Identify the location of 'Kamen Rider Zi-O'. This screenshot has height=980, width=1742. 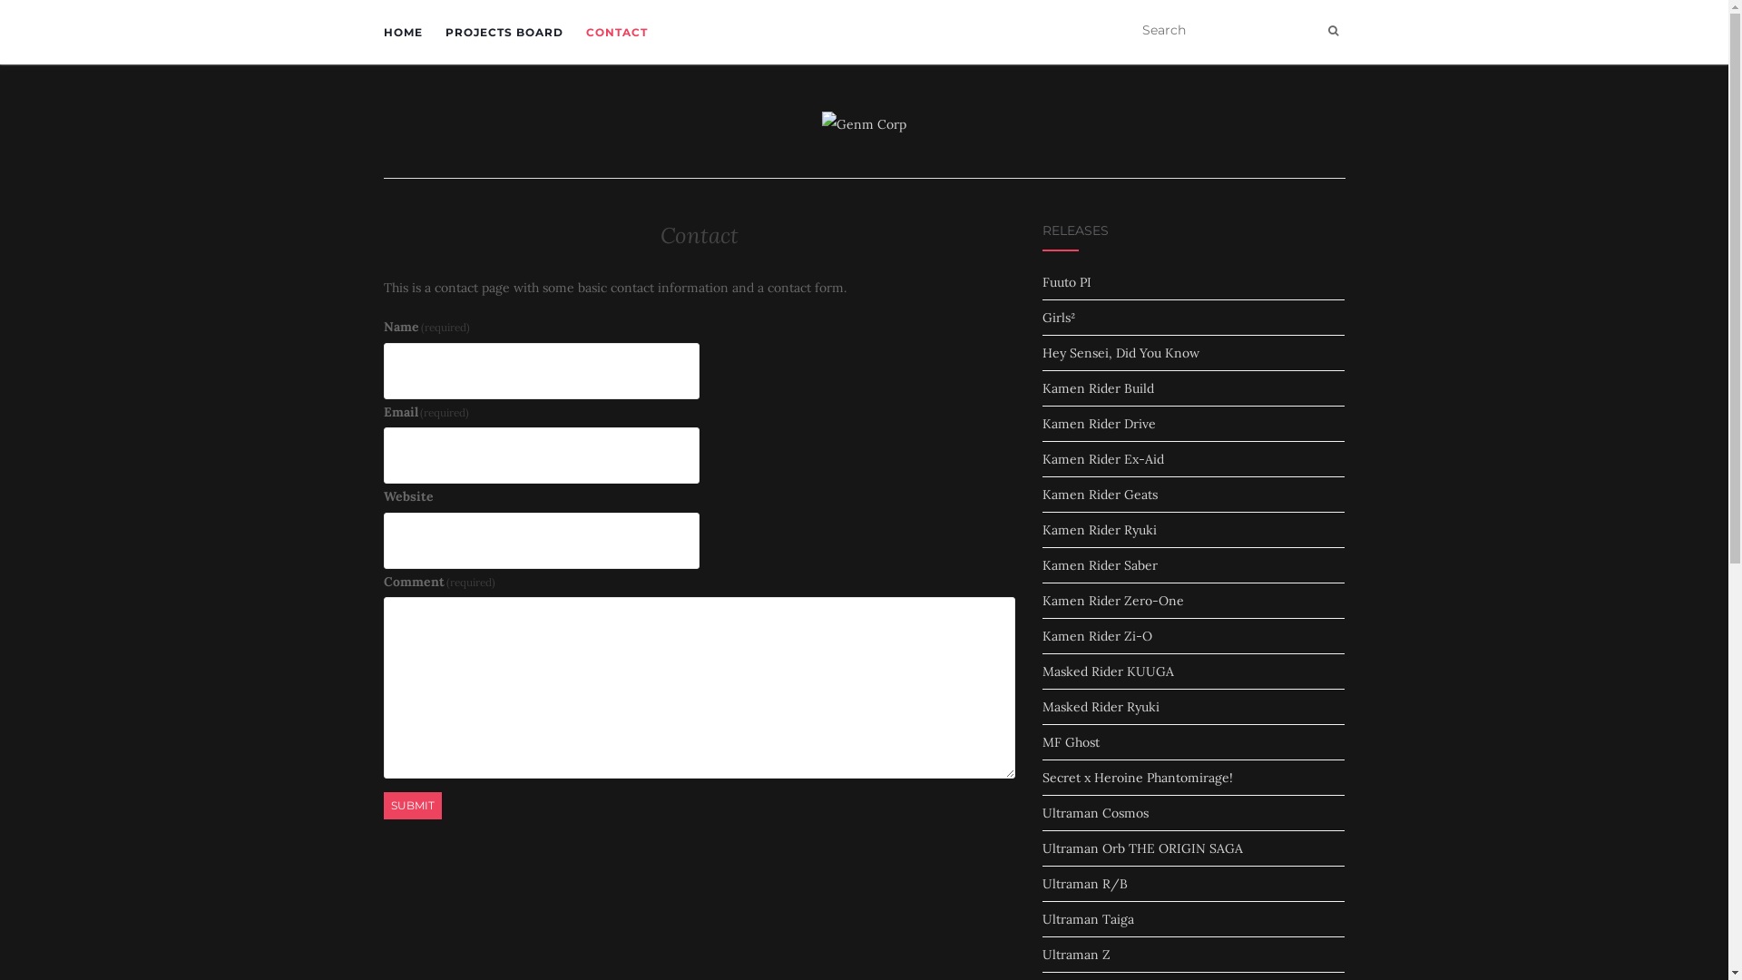
(1096, 635).